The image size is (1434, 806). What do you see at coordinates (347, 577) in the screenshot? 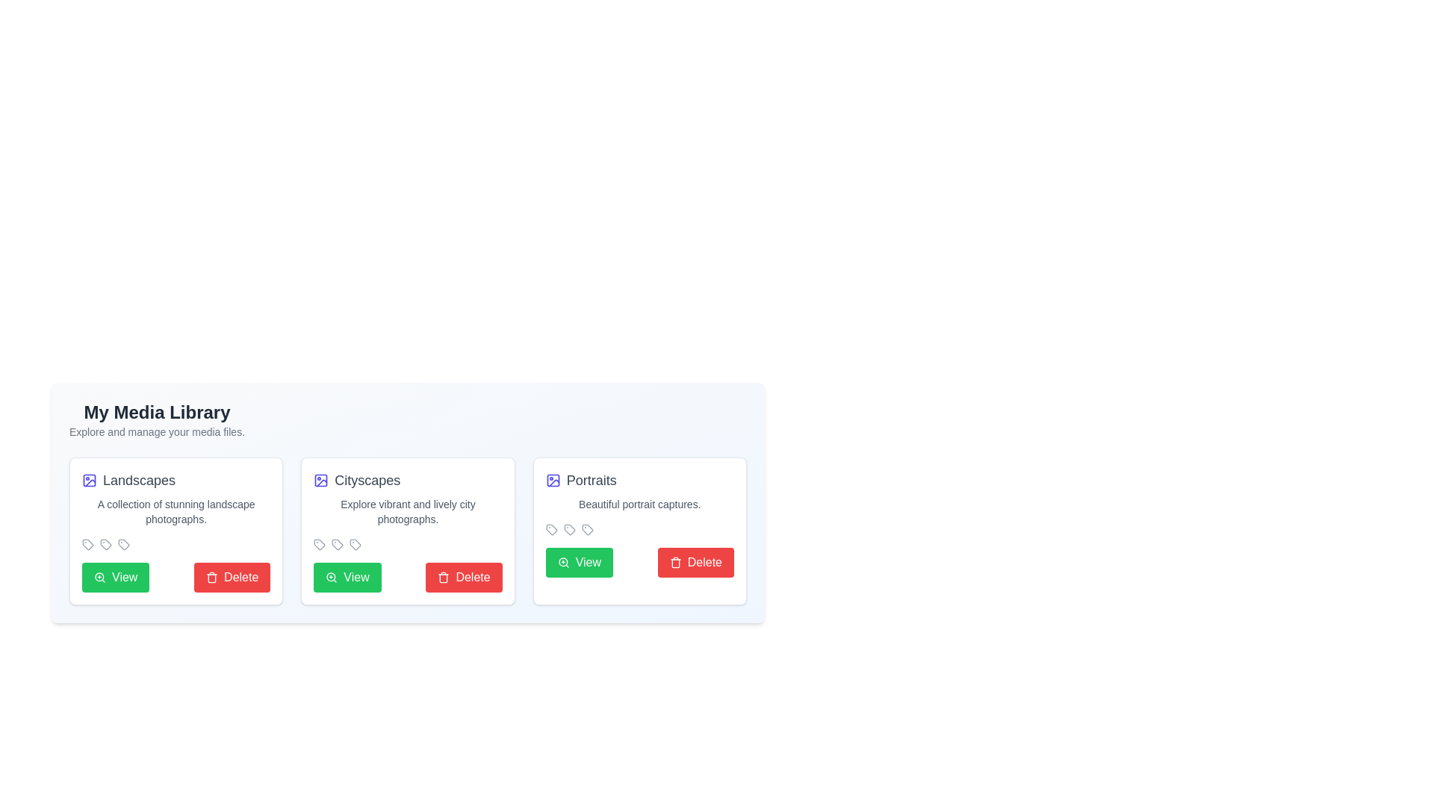
I see `the leftmost button labeled 'View' with a green background and a zoom-in glass icon` at bounding box center [347, 577].